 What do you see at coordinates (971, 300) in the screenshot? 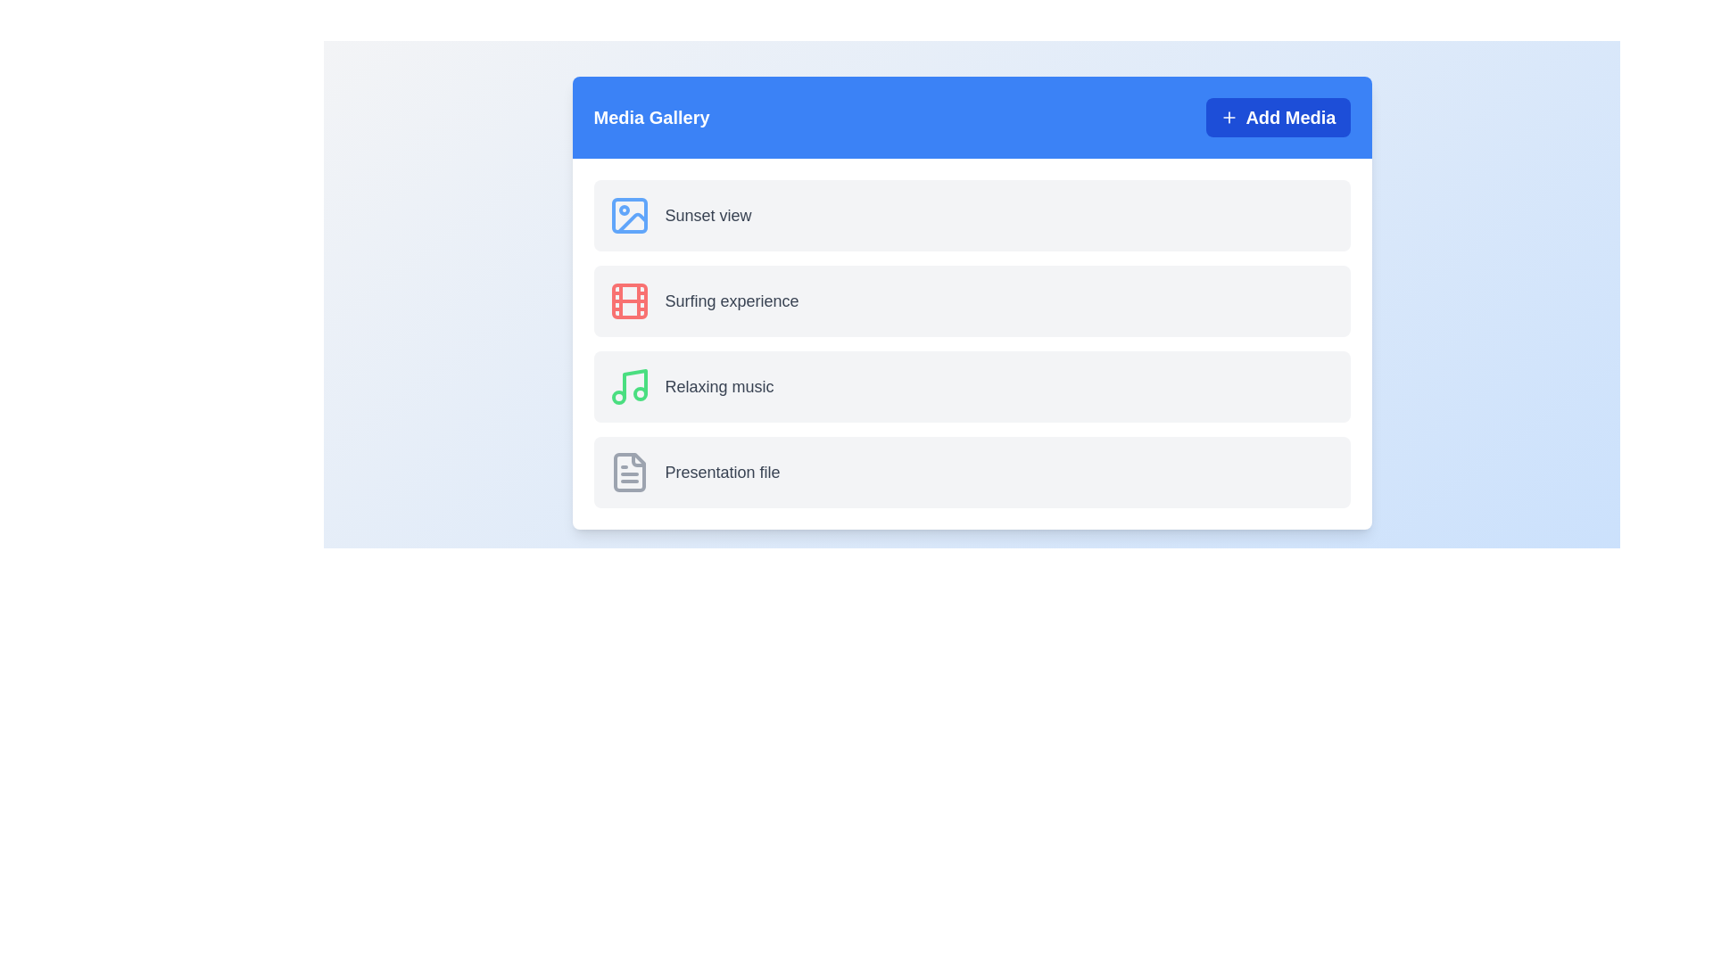
I see `the list item for 'Surfing experience'` at bounding box center [971, 300].